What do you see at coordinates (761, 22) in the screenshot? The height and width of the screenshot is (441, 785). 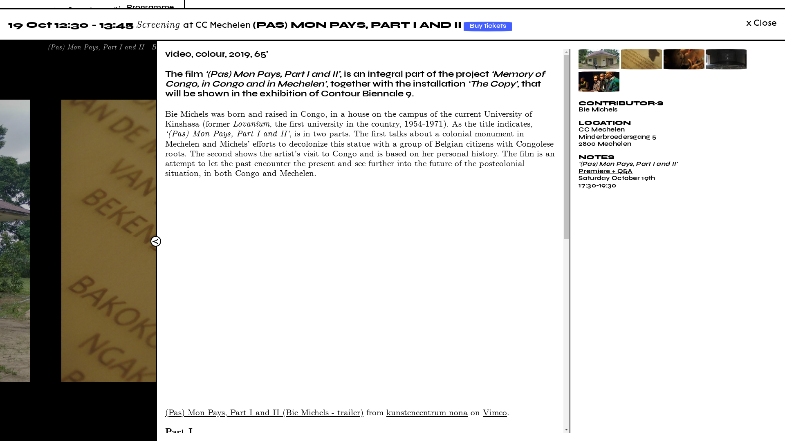 I see `'x Close'` at bounding box center [761, 22].